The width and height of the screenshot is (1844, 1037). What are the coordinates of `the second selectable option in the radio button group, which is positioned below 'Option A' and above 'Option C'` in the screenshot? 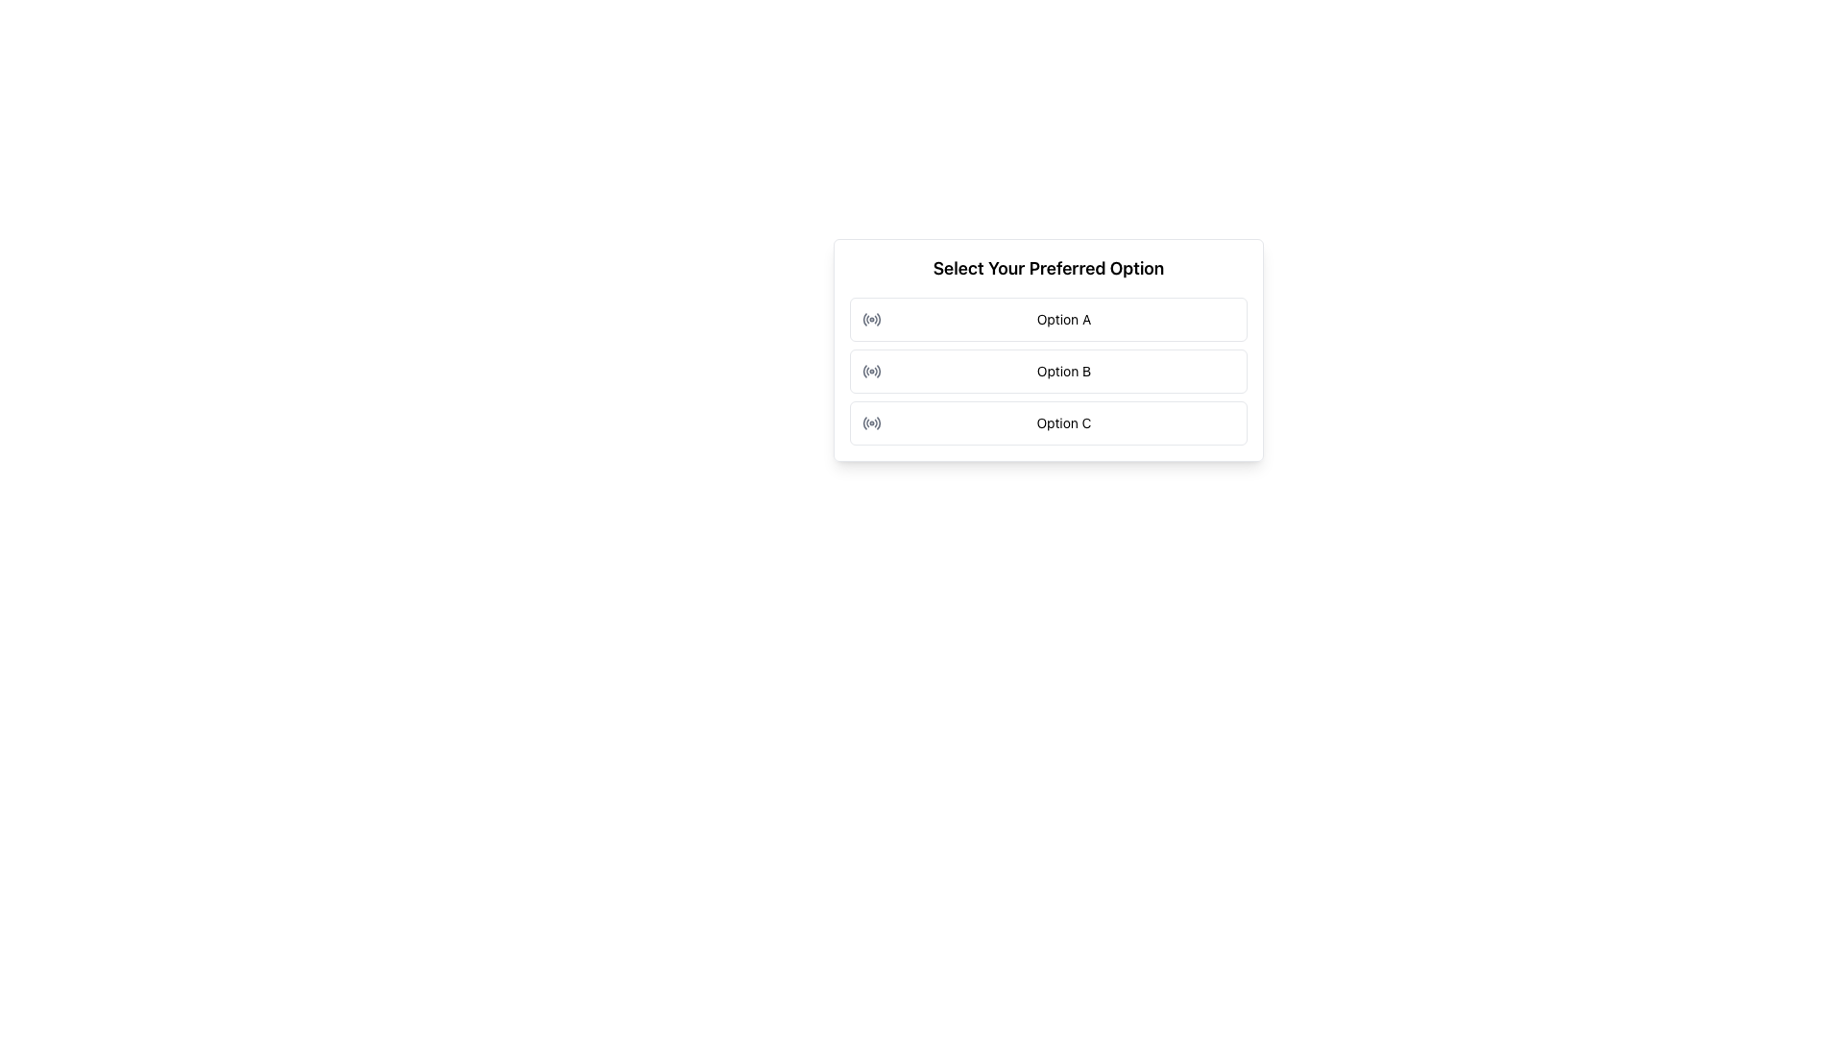 It's located at (1063, 371).